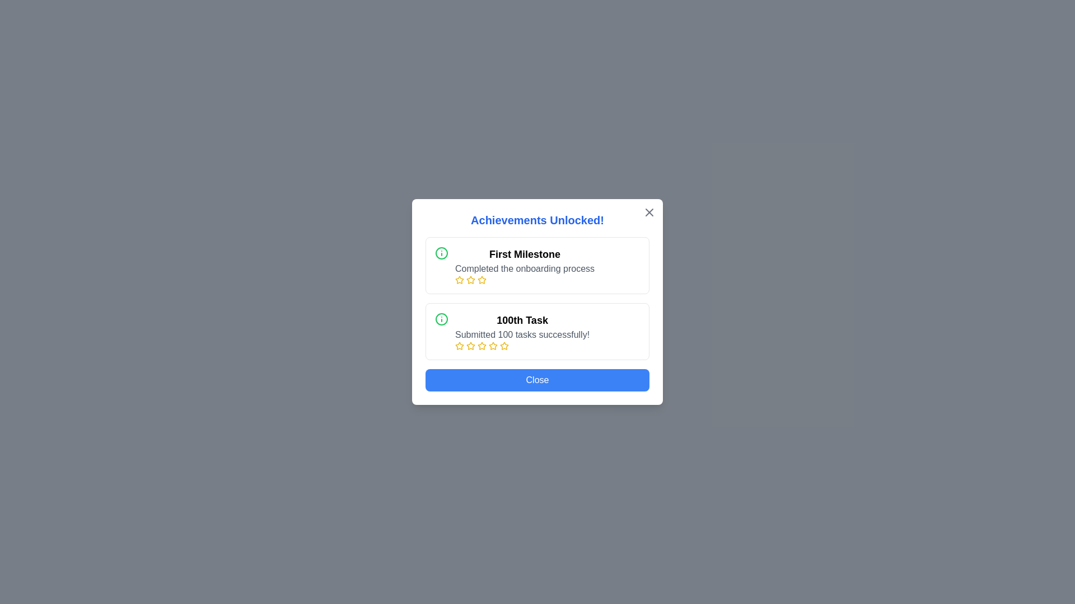 This screenshot has height=604, width=1075. Describe the element at coordinates (524, 280) in the screenshot. I see `the rating representation by focusing on the row of three yellow stars located beneath the text 'Completed the onboarding process' in the 'First Milestone' section of the 'Achievements Unlocked!' dialog` at that location.